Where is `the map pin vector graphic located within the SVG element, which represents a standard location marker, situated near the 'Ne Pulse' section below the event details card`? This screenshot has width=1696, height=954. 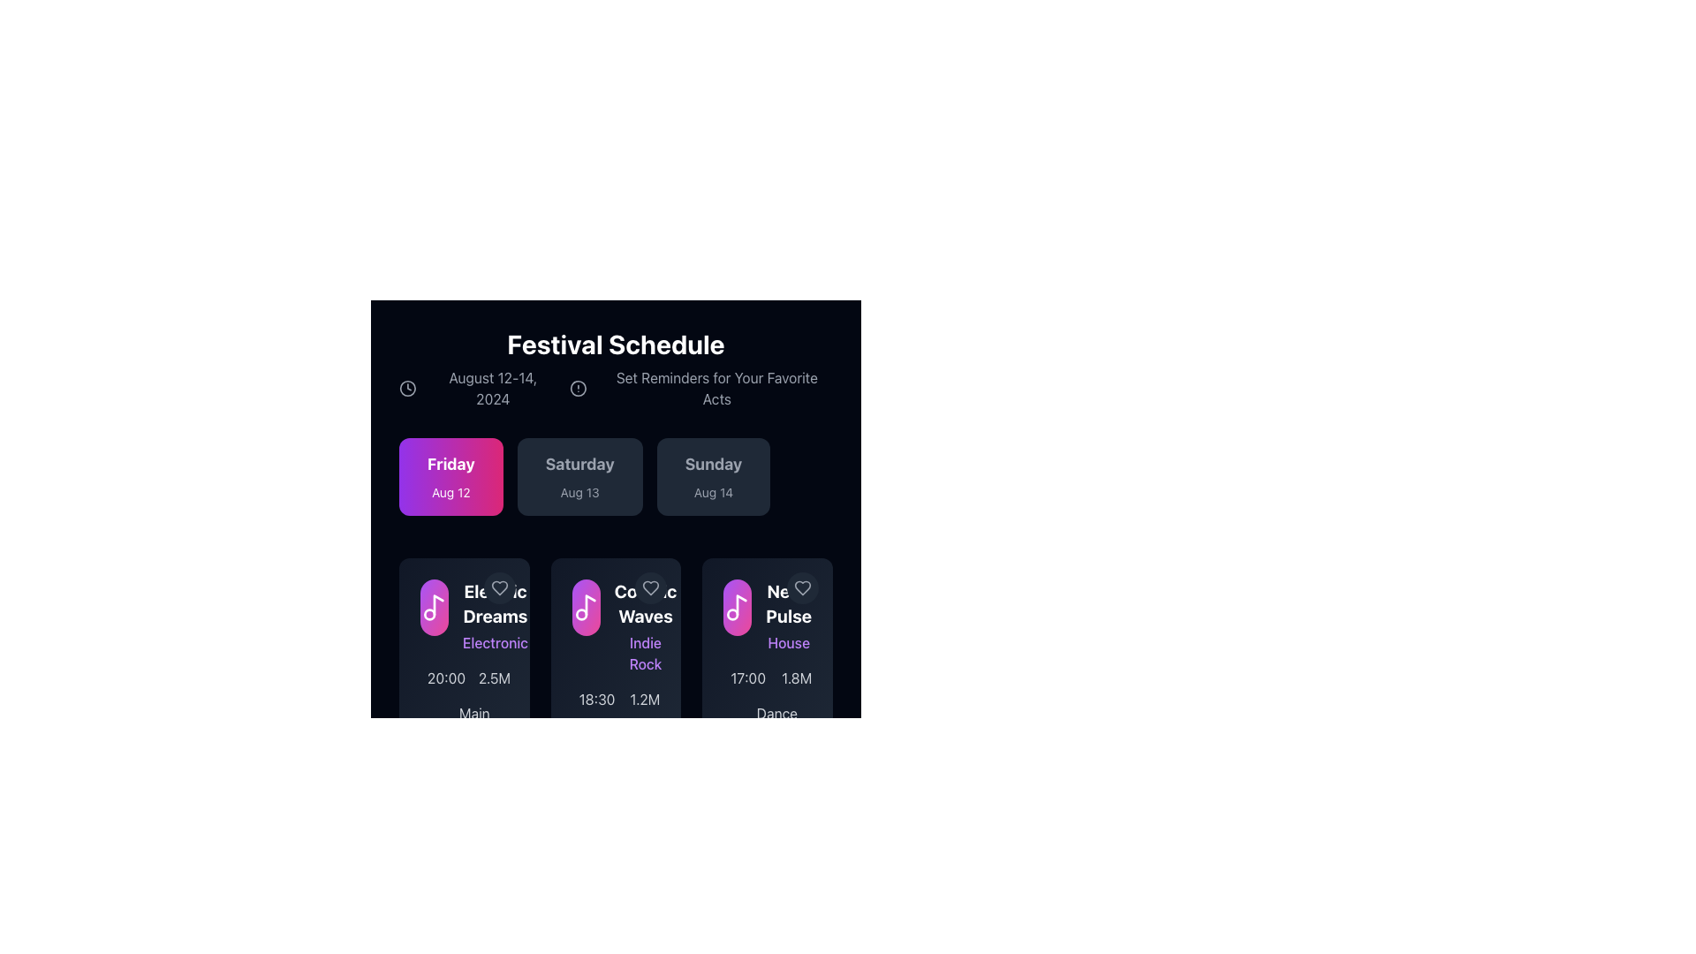 the map pin vector graphic located within the SVG element, which represents a standard location marker, situated near the 'Ne Pulse' section below the event details card is located at coordinates (729, 724).